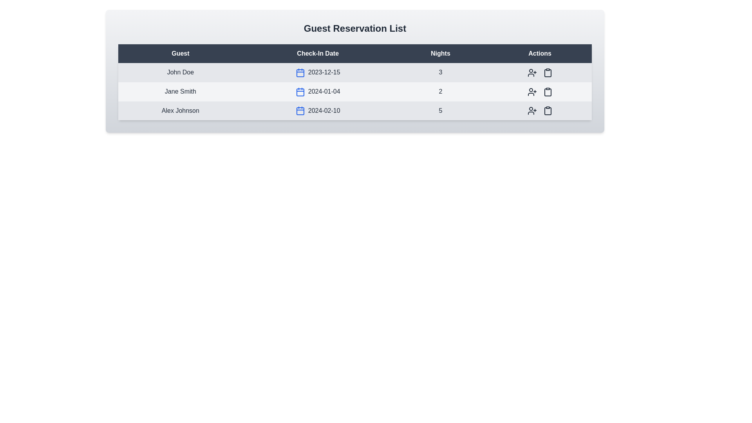 Image resolution: width=752 pixels, height=423 pixels. I want to click on the clipboard action icon in the second row of the 'Guest Reservation List' table, so click(547, 92).